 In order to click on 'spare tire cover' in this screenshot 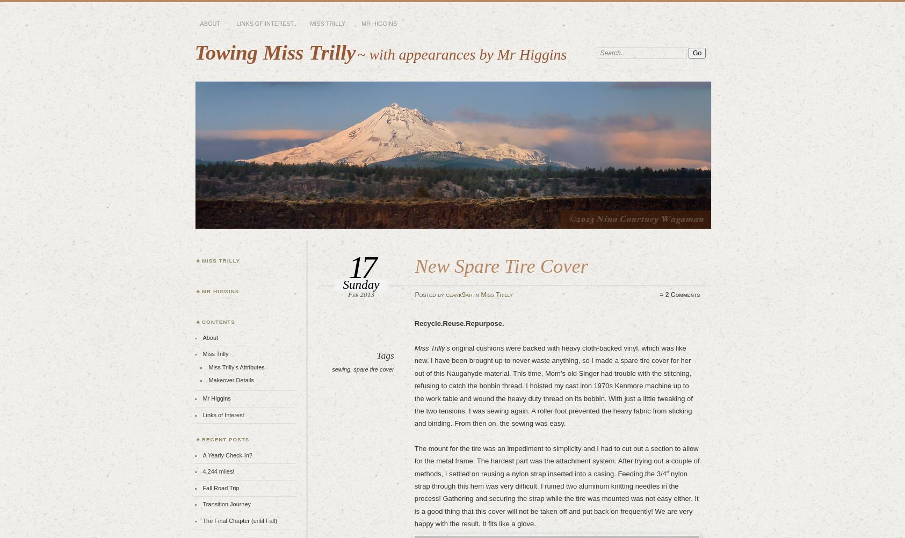, I will do `click(373, 369)`.